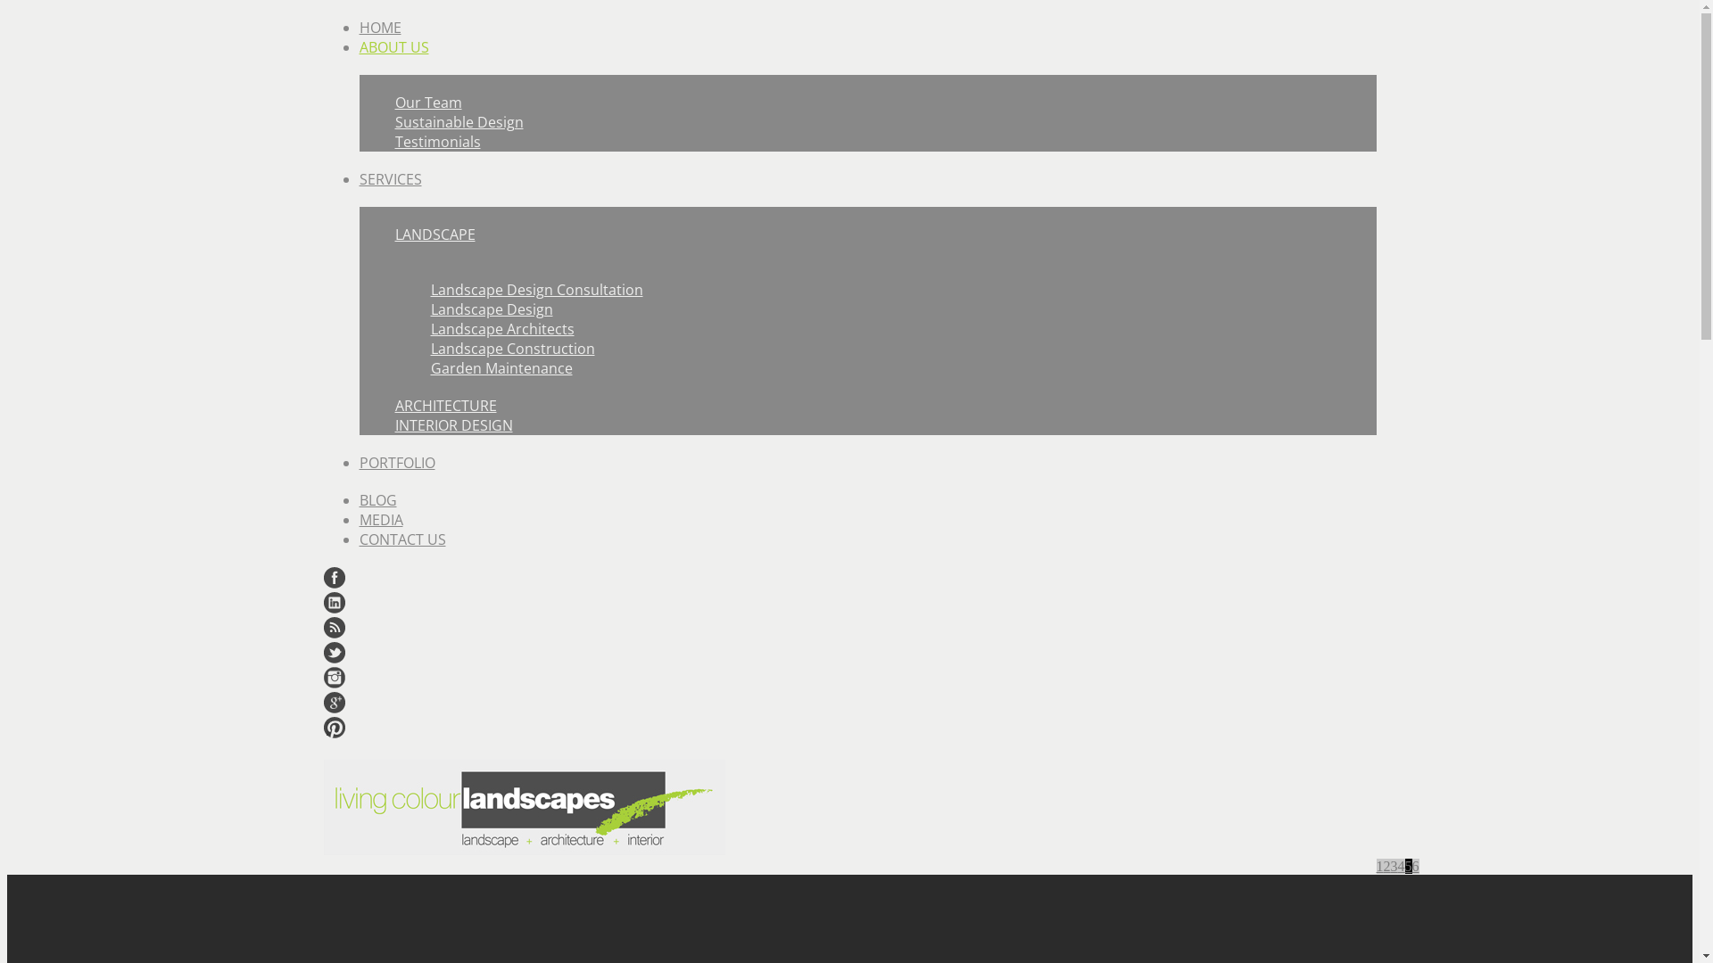 This screenshot has width=1713, height=963. Describe the element at coordinates (534, 288) in the screenshot. I see `'Landscape Design Consultation'` at that location.